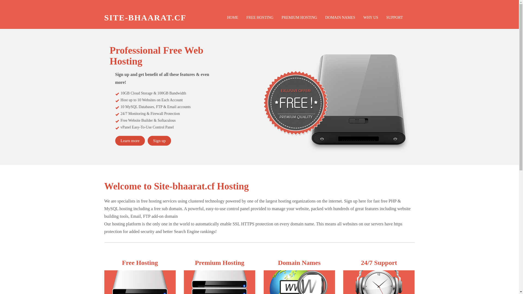  I want to click on 'SUPPORT', so click(382, 17).